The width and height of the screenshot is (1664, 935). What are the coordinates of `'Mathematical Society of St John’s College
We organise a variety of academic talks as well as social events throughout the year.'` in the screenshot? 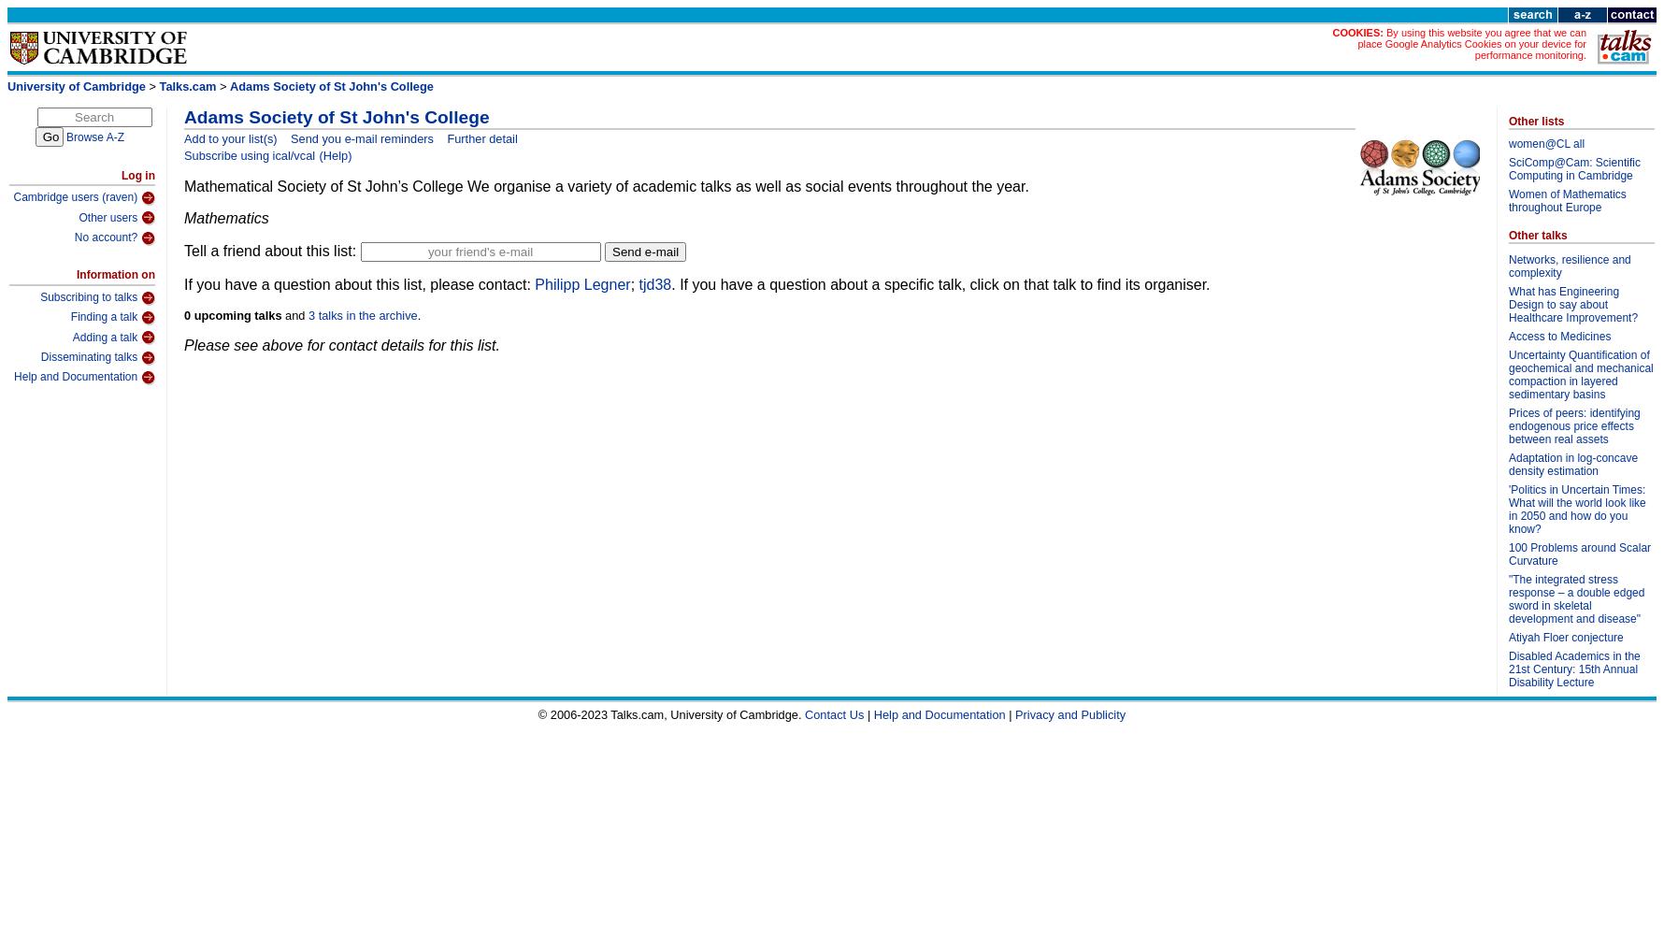 It's located at (606, 184).